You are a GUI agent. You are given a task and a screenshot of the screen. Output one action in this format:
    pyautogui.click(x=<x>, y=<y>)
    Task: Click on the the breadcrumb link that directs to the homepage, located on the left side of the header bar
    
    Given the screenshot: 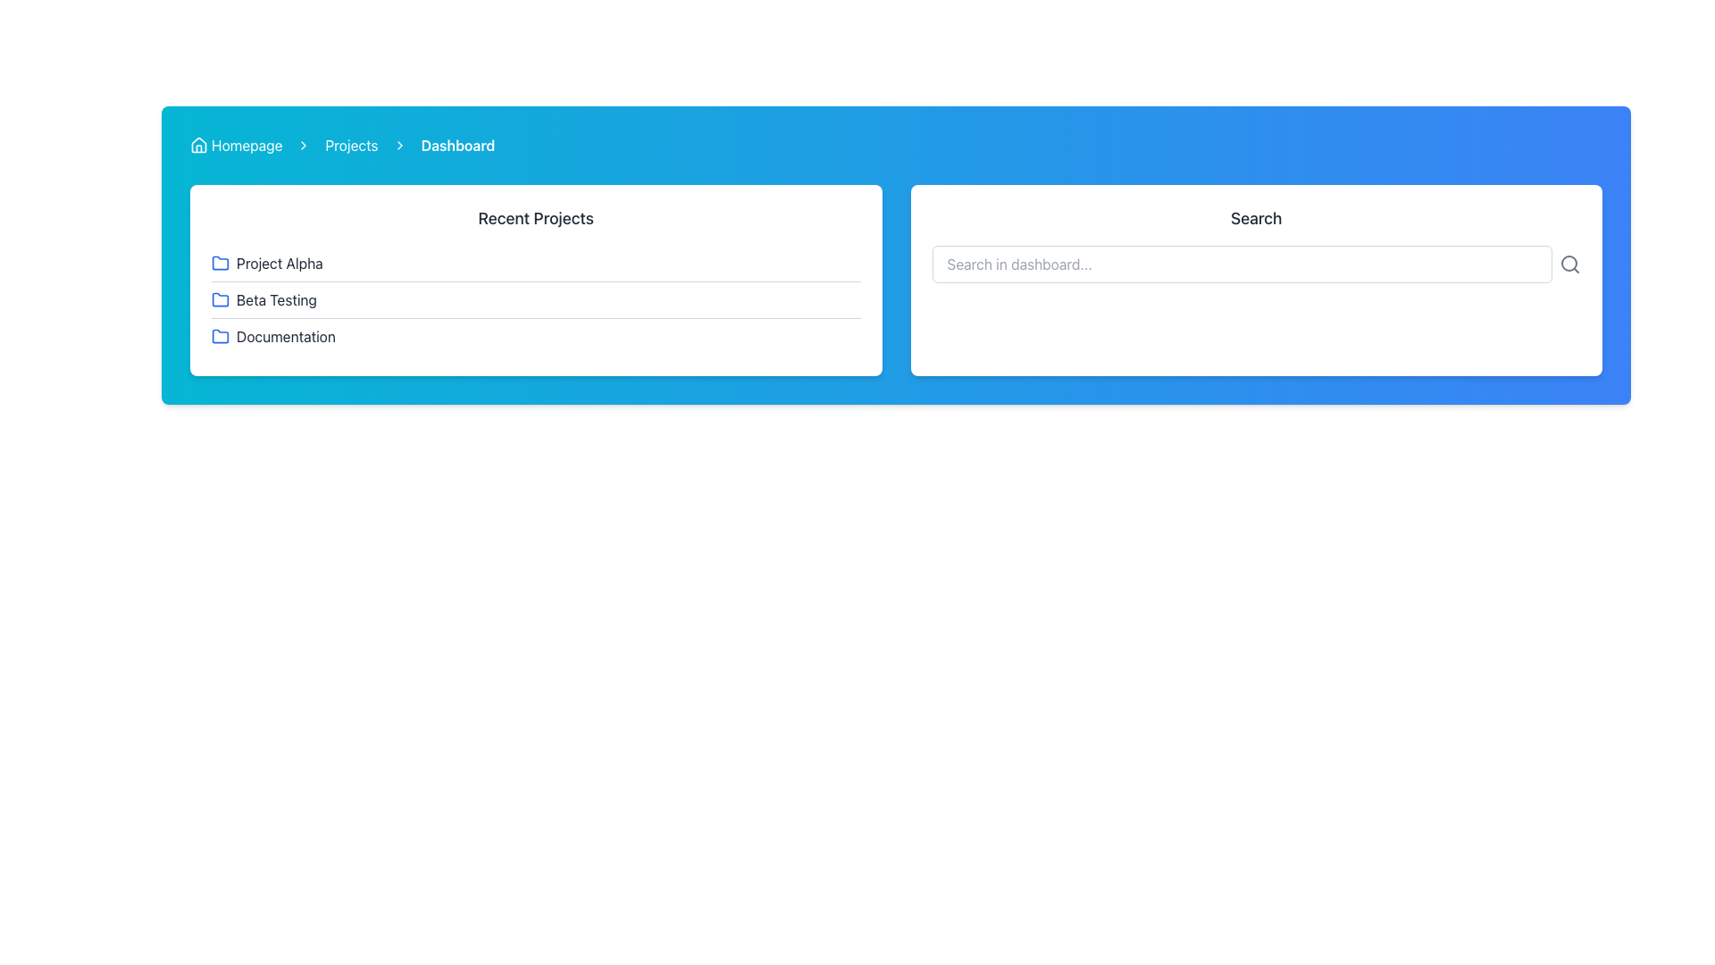 What is the action you would take?
    pyautogui.click(x=235, y=144)
    